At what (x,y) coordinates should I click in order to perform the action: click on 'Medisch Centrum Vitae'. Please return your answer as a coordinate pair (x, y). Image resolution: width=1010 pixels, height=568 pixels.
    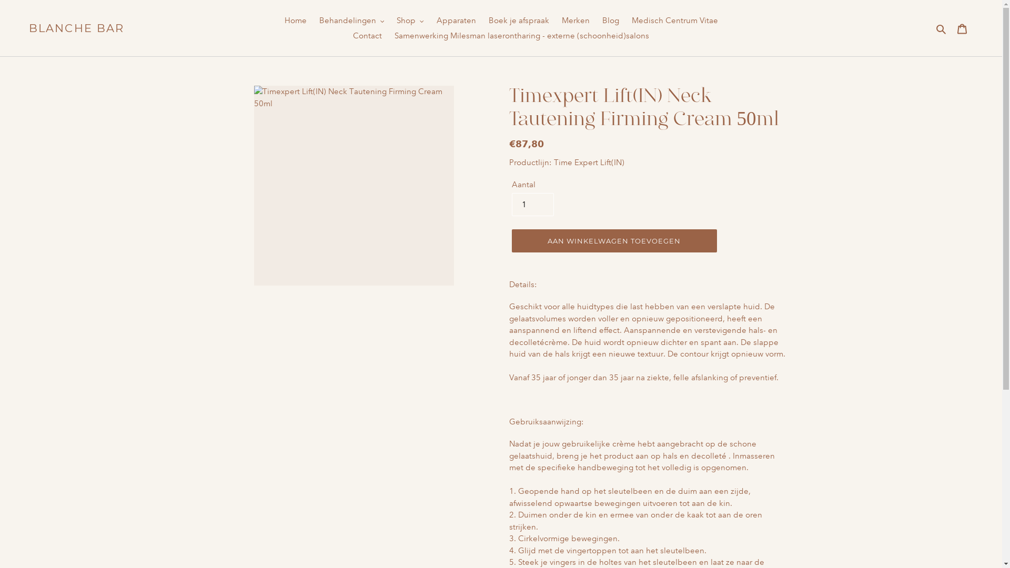
    Looking at the image, I should click on (674, 21).